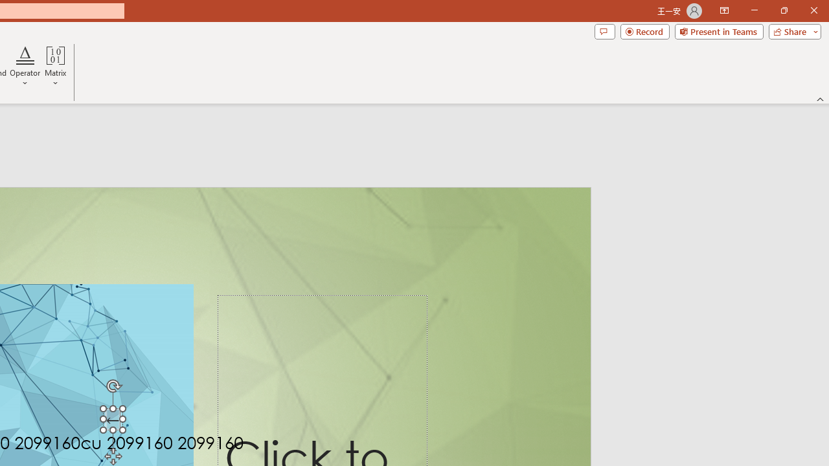 The width and height of the screenshot is (829, 466). Describe the element at coordinates (55, 67) in the screenshot. I see `'Matrix'` at that location.